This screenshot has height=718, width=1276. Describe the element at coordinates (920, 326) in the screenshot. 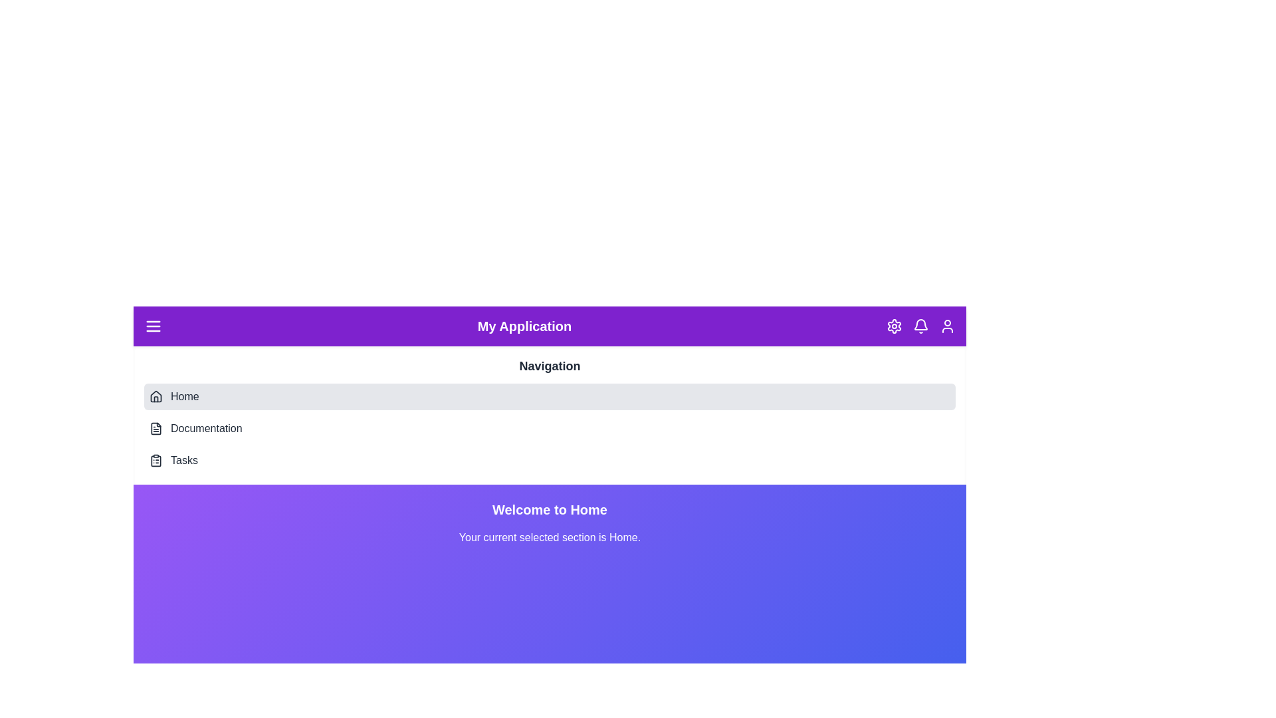

I see `the Bell icon in the header` at that location.